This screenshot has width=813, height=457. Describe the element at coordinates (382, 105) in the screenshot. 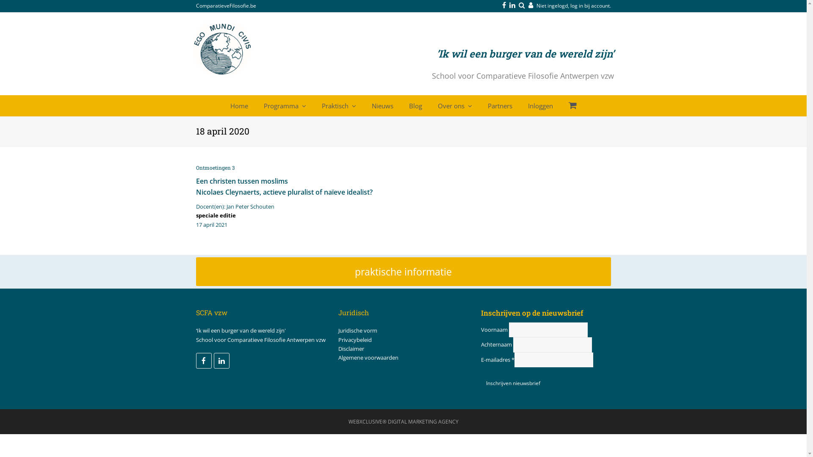

I see `'Nieuws'` at that location.